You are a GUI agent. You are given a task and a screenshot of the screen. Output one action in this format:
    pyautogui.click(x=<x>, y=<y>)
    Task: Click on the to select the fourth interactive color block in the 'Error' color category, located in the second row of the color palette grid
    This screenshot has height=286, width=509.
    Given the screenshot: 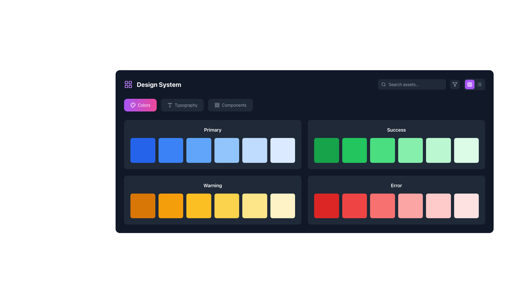 What is the action you would take?
    pyautogui.click(x=410, y=205)
    